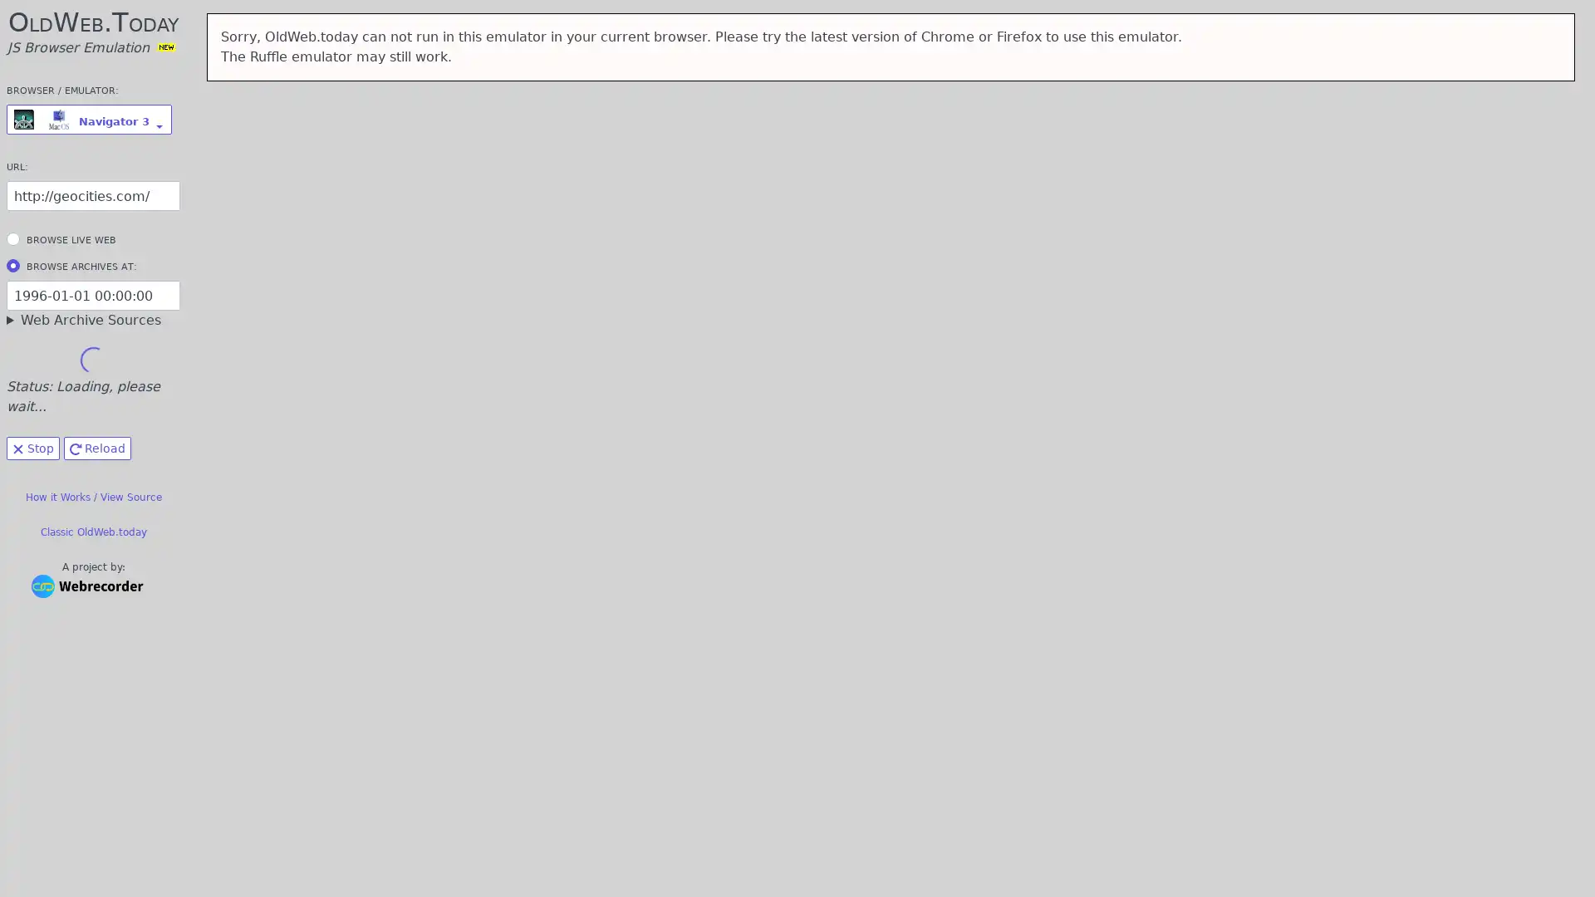 The height and width of the screenshot is (897, 1595). Describe the element at coordinates (96, 448) in the screenshot. I see `Reload` at that location.